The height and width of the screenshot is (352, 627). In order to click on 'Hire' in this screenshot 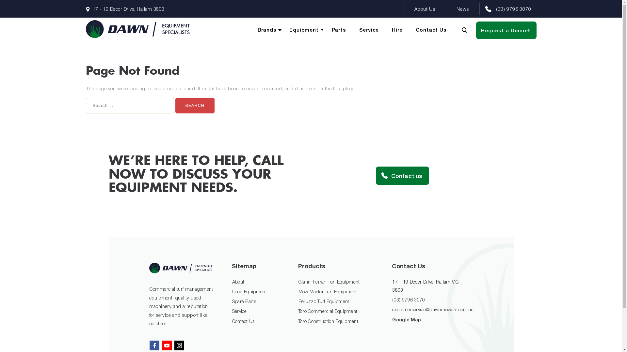, I will do `click(396, 30)`.